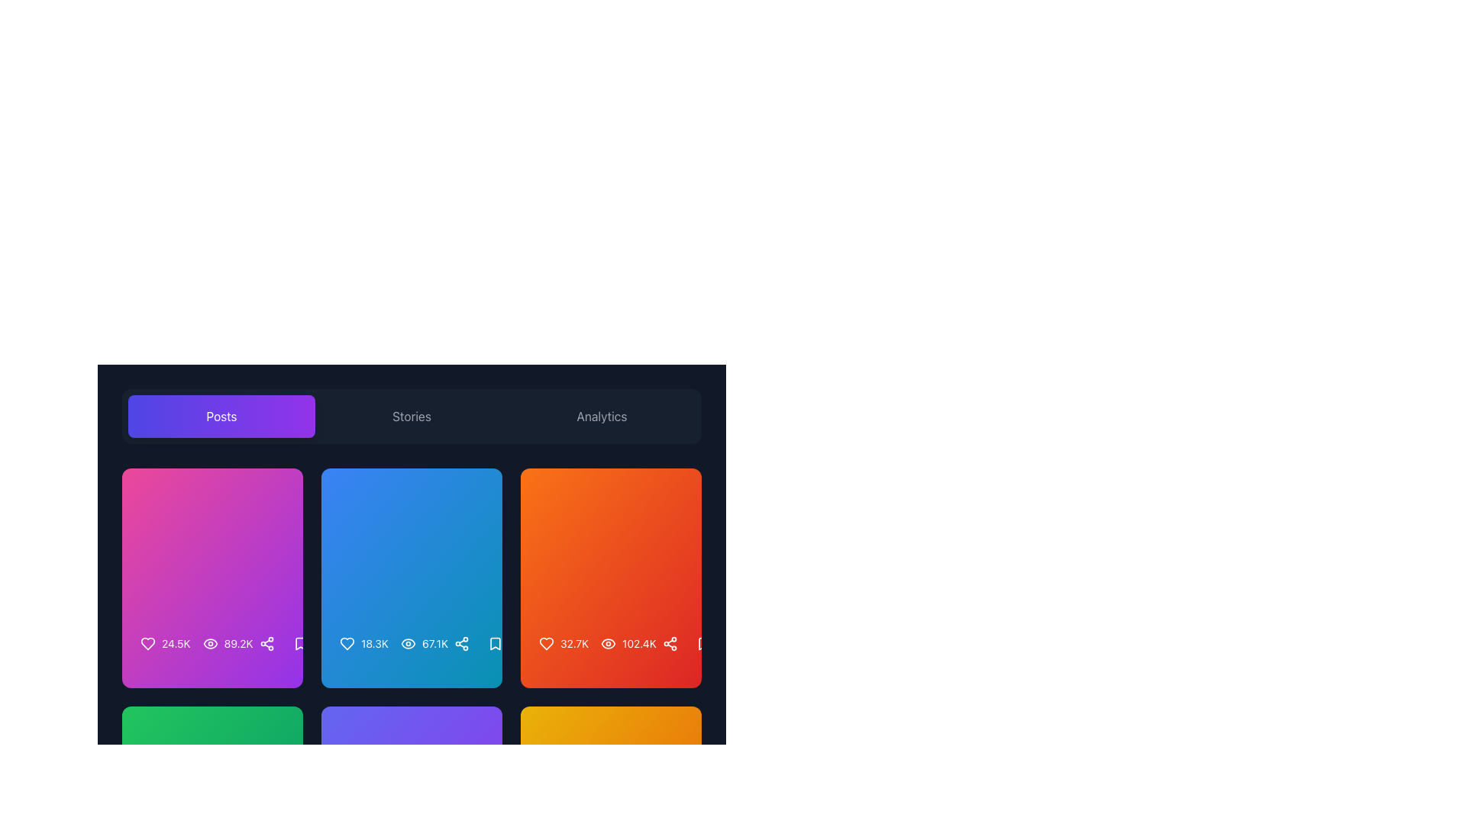 The width and height of the screenshot is (1466, 824). I want to click on the bookmark button located at the bottom right corner of a blue card, which is the last icon in the row of interactive icons, so click(495, 644).